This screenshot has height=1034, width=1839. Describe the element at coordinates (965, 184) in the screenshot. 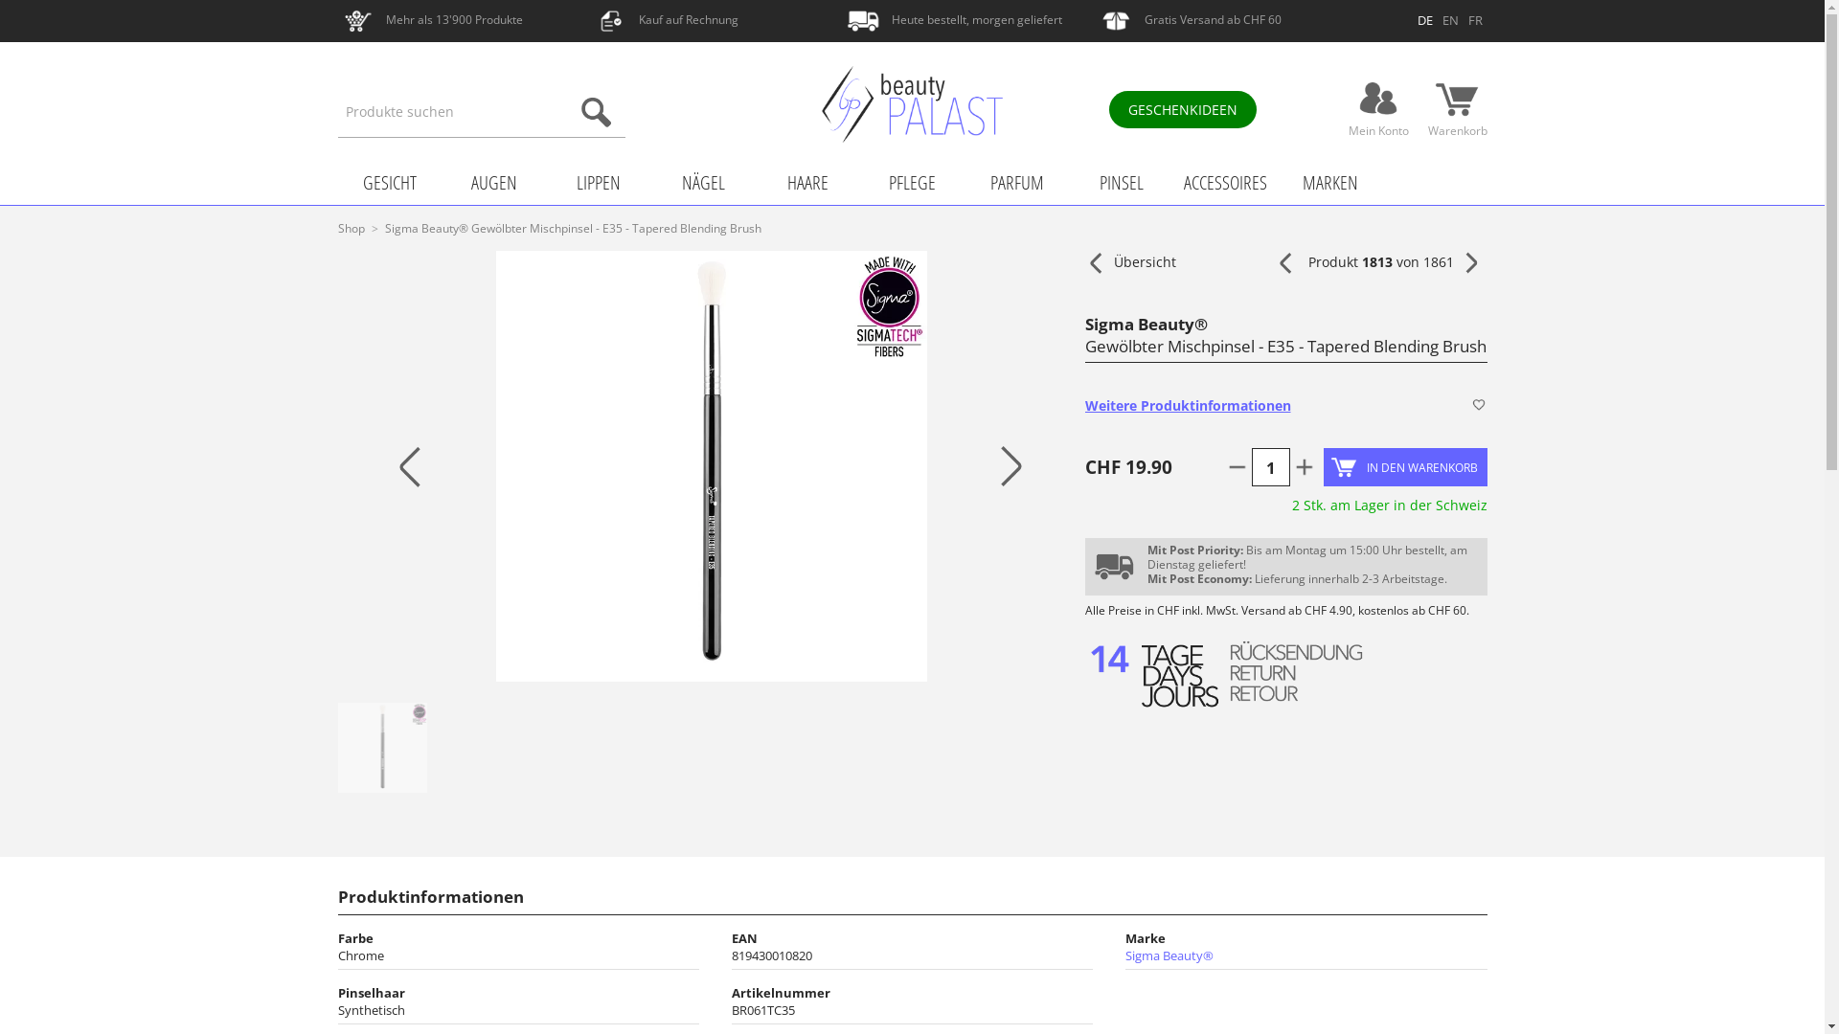

I see `'PARFUM'` at that location.